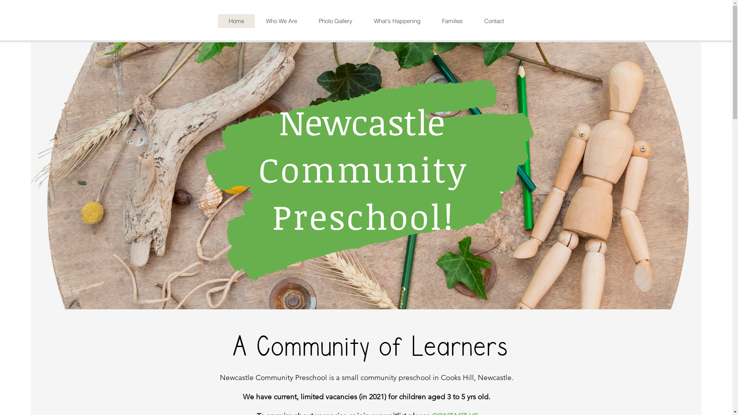 This screenshot has height=415, width=738. What do you see at coordinates (254, 20) in the screenshot?
I see `'Who We Are'` at bounding box center [254, 20].